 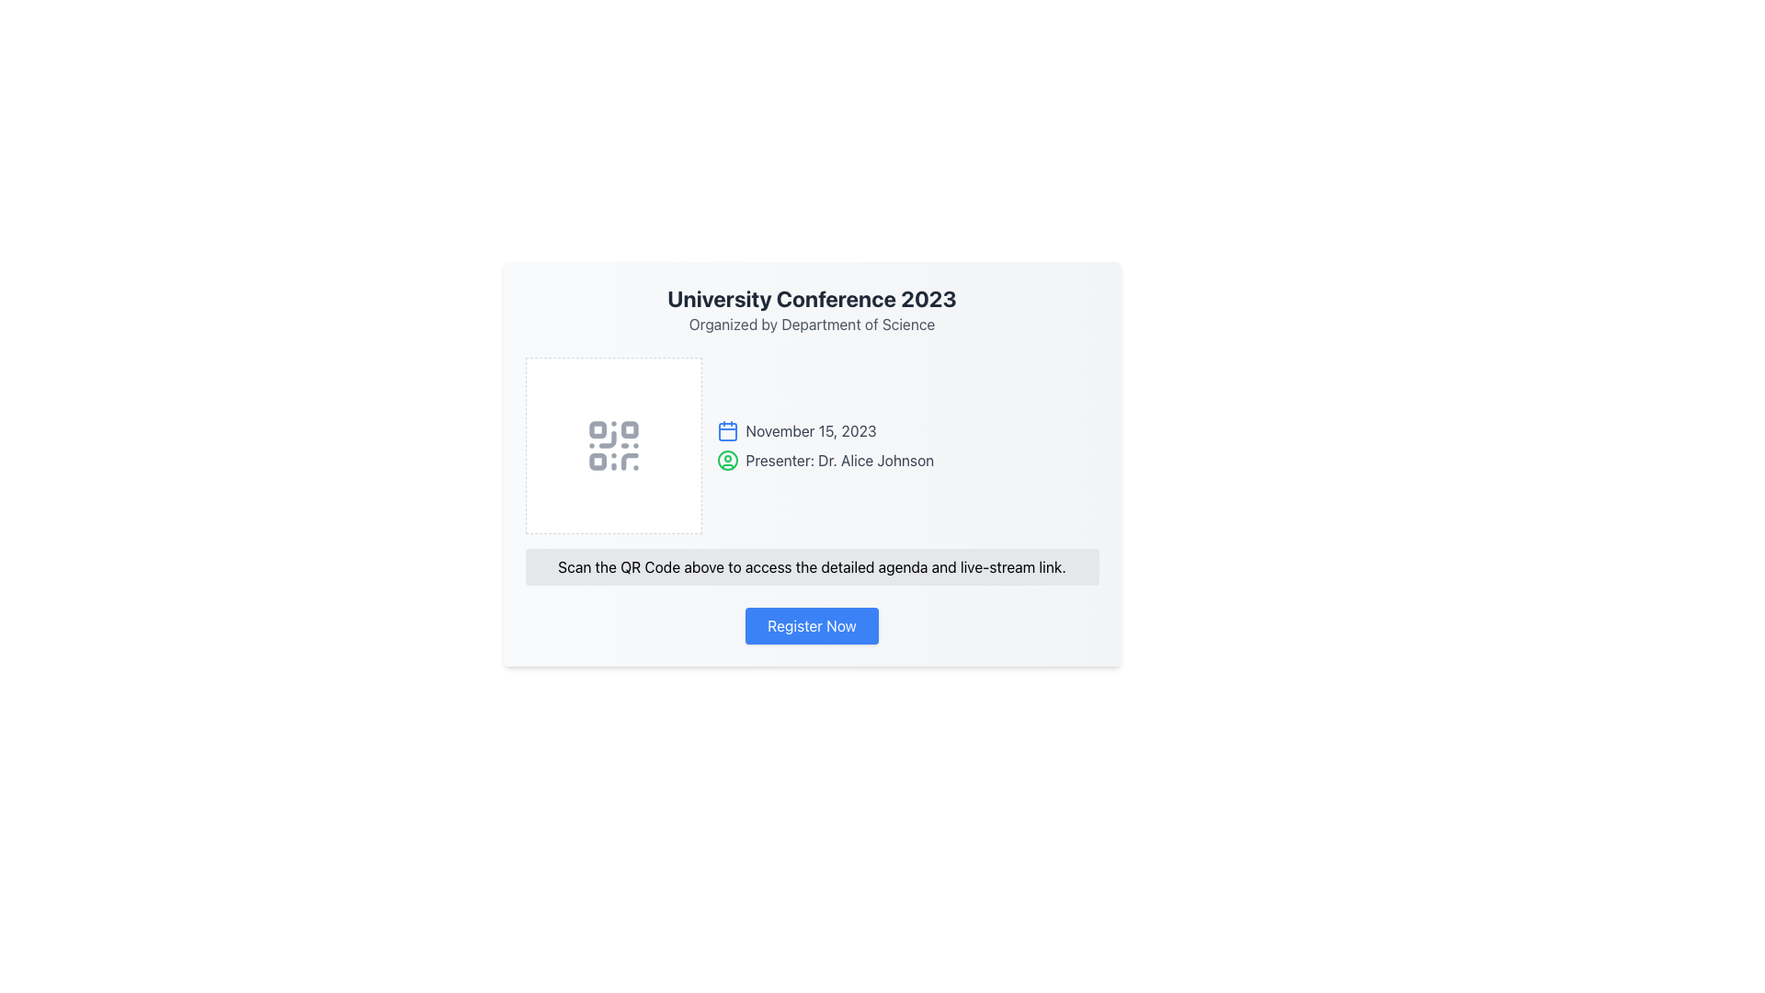 What do you see at coordinates (811, 625) in the screenshot?
I see `the medium-sized rounded rectangular button with a blue background and white text reading 'Register Now' to trigger a visual change` at bounding box center [811, 625].